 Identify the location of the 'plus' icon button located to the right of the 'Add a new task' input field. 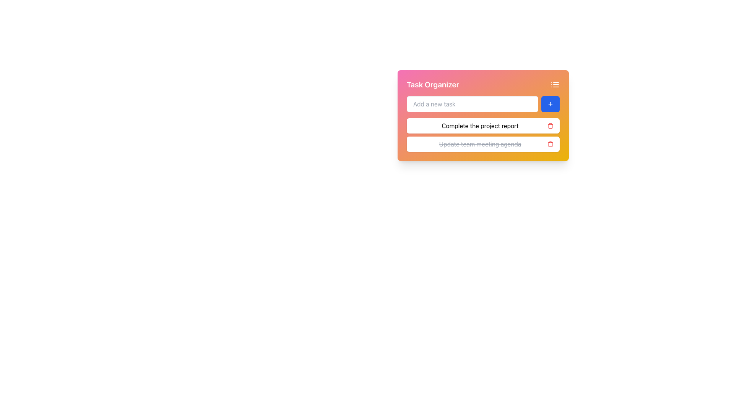
(550, 104).